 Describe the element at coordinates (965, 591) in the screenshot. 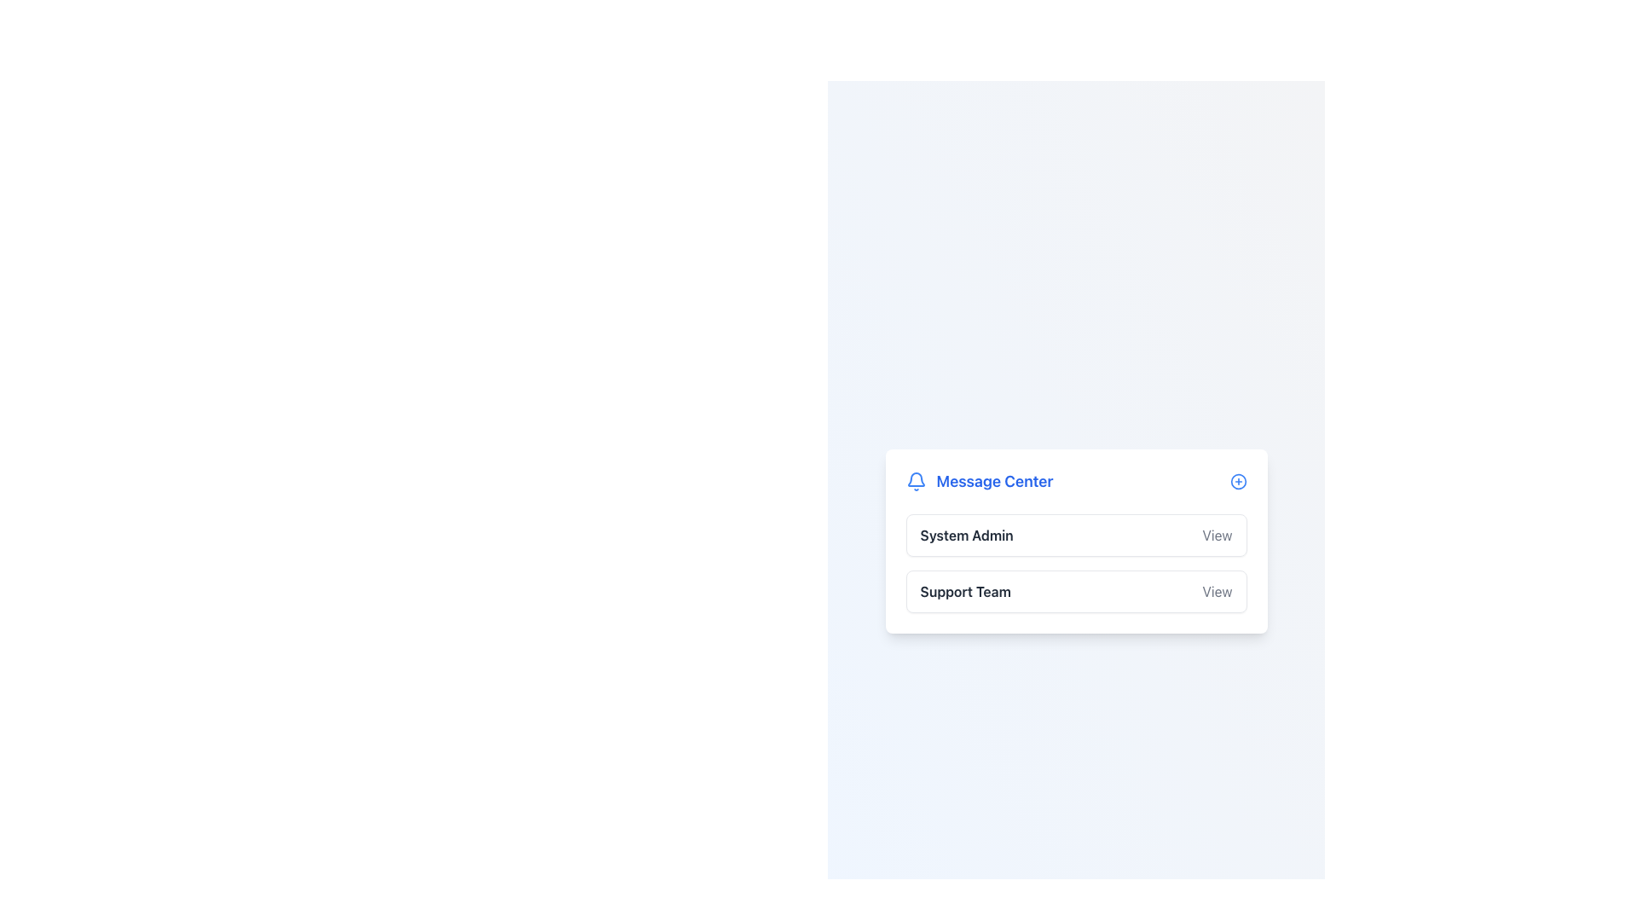

I see `the Text Label that indicates a group or category of information, located below the 'System Admin' text entry and to the left of the 'View' link in the 'Message Center' card` at that location.